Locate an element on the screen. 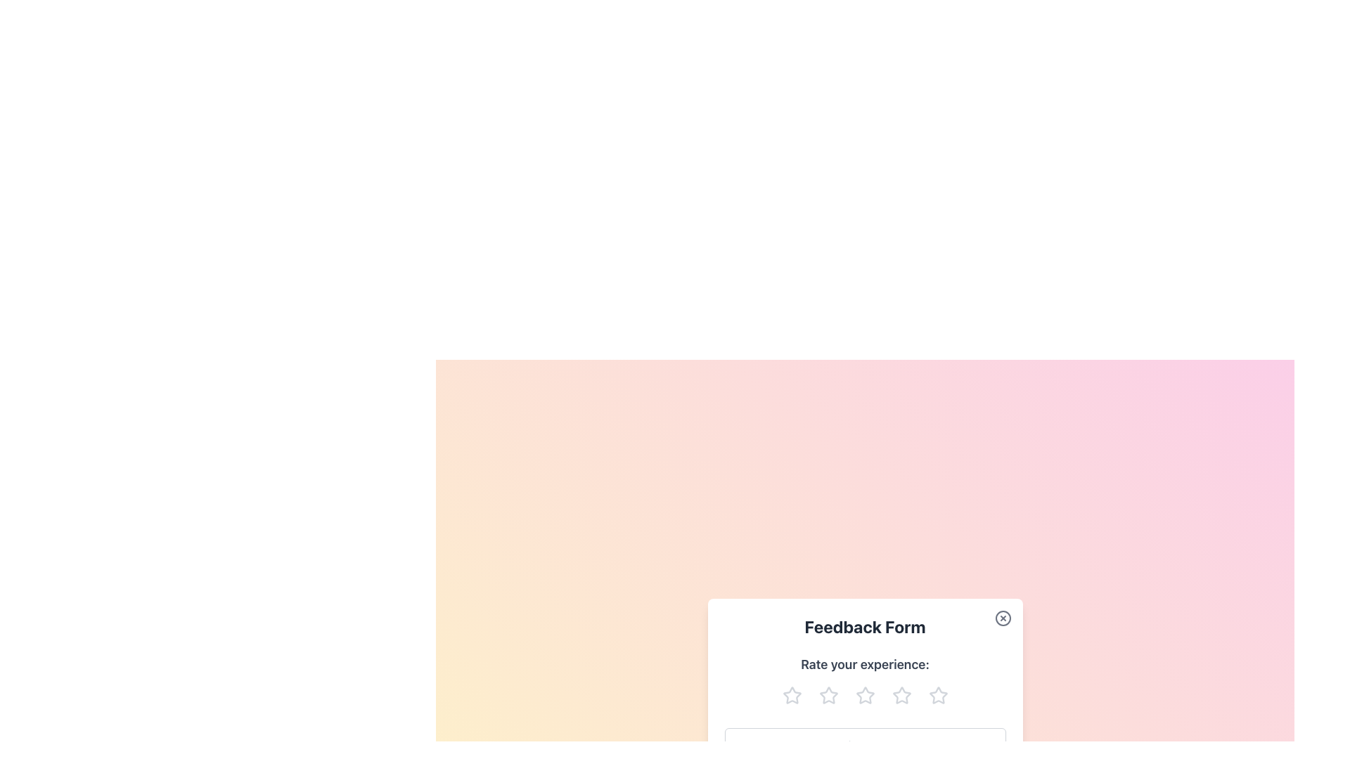 The image size is (1350, 759). the star icon button, which is the fourth button in a row of five, used for rating under the label 'Rate your experience:' in the feedback form is located at coordinates (901, 696).